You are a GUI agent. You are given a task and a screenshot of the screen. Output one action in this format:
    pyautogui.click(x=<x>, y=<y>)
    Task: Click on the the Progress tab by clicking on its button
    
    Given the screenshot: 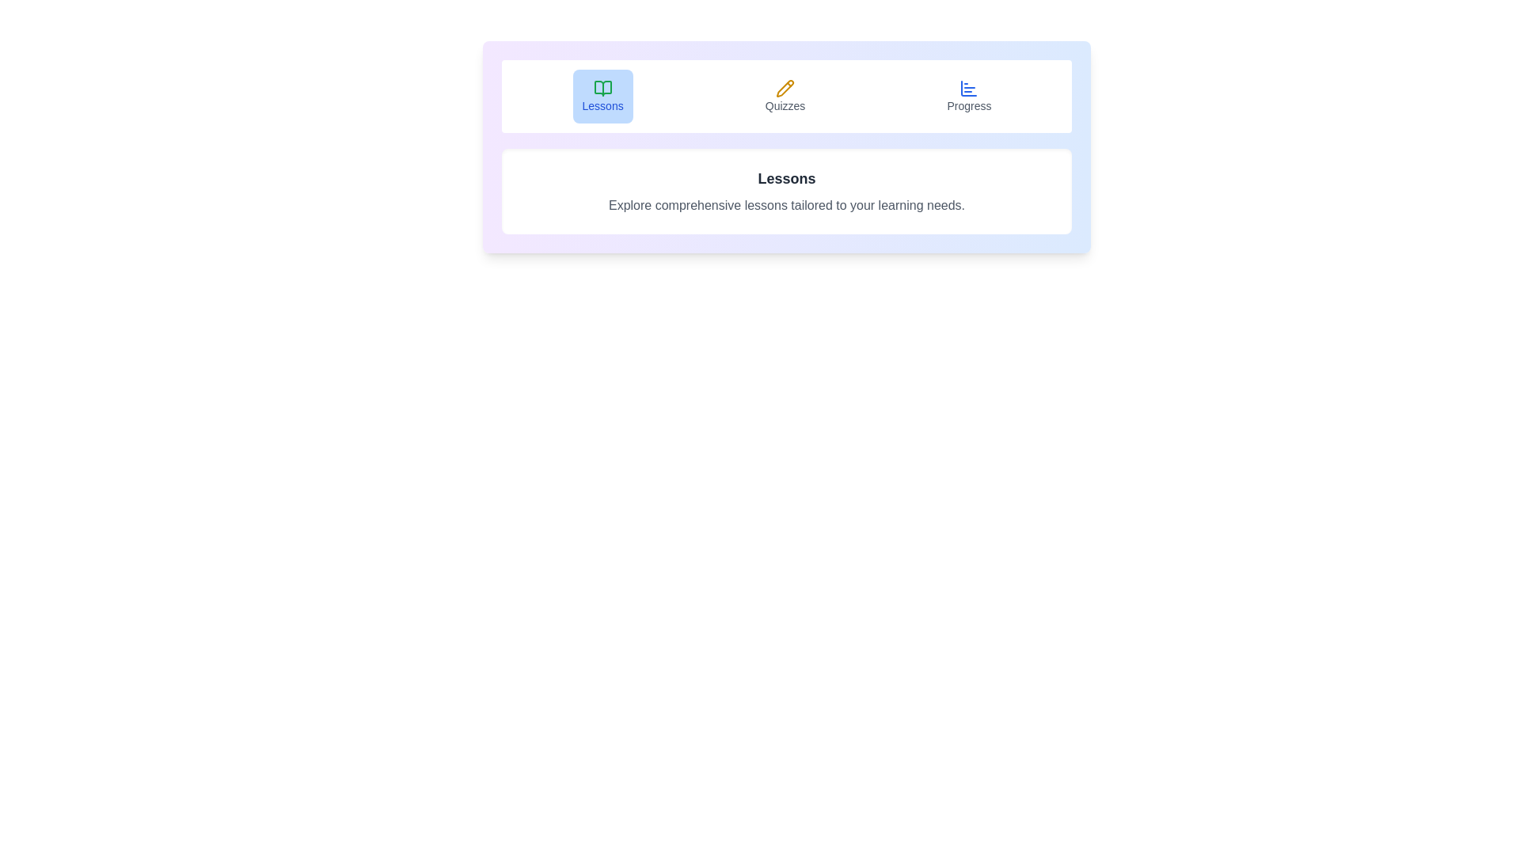 What is the action you would take?
    pyautogui.click(x=968, y=97)
    